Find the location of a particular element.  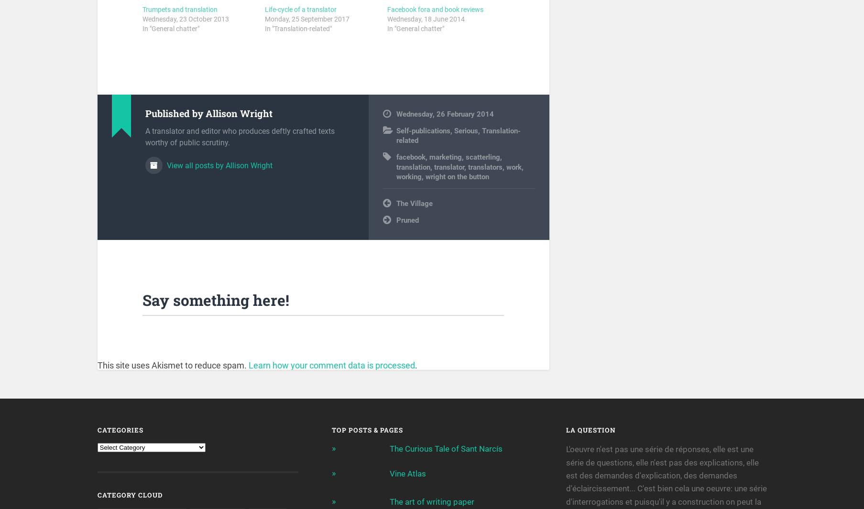

'Category Cloud' is located at coordinates (97, 497).